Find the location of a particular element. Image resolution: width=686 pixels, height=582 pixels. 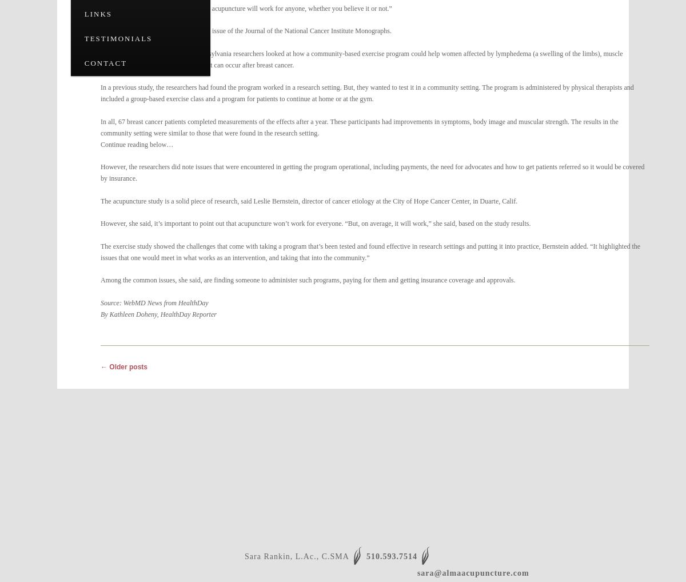

'The exercise study showed the challenges that come with taking a program that’s been tested and found effective in research settings and putting it into practice, Bernstein added. “It highlighted the issues that one would meet in what works as an intervention, and taking that into the community.”' is located at coordinates (100, 250).